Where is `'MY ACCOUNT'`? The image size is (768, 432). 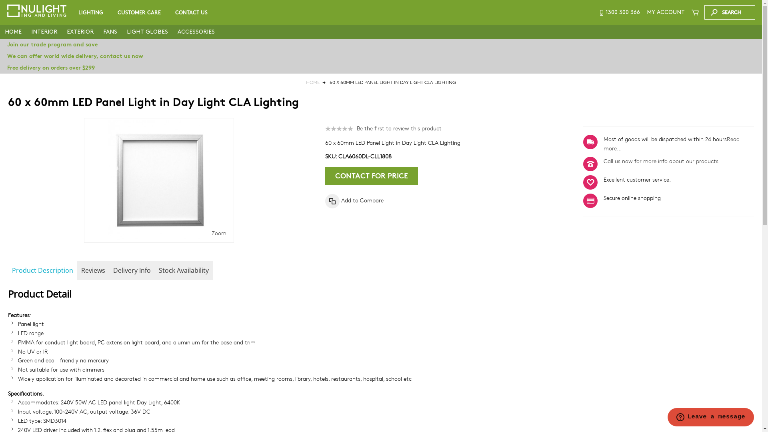
'MY ACCOUNT' is located at coordinates (666, 12).